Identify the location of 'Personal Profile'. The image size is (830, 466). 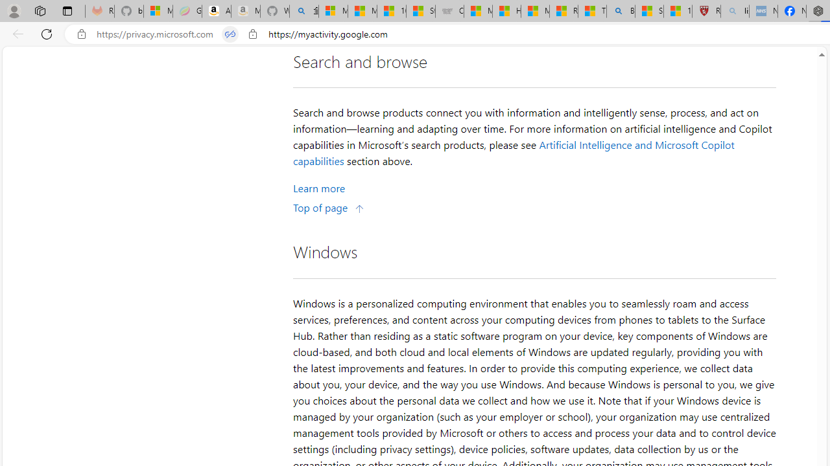
(14, 10).